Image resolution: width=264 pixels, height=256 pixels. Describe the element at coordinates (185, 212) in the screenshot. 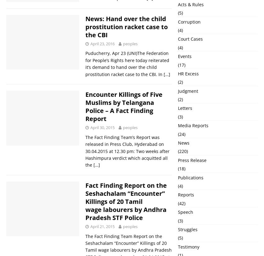

I see `'Speech'` at that location.